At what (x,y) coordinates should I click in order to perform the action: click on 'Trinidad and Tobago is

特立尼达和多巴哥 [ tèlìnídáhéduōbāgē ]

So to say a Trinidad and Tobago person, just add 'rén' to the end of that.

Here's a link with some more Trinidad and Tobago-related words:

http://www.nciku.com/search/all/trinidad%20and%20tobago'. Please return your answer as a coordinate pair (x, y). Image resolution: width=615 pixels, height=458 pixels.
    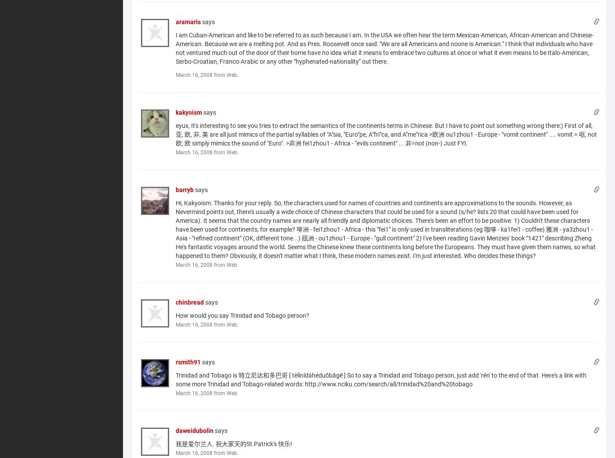
    Looking at the image, I should click on (381, 379).